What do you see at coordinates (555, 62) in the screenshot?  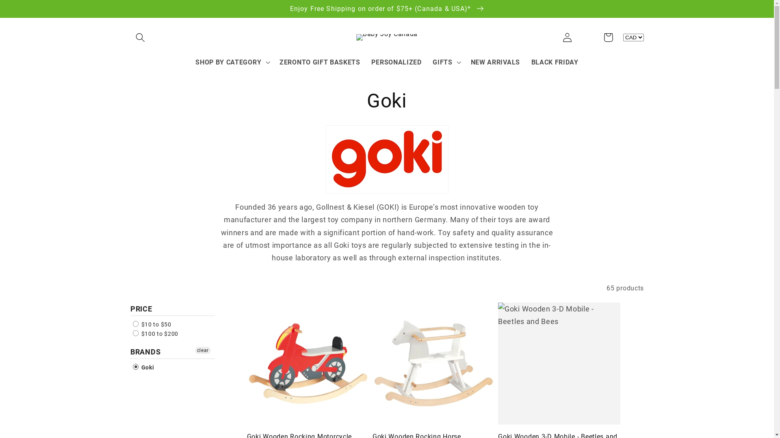 I see `'BLACK FRIDAY'` at bounding box center [555, 62].